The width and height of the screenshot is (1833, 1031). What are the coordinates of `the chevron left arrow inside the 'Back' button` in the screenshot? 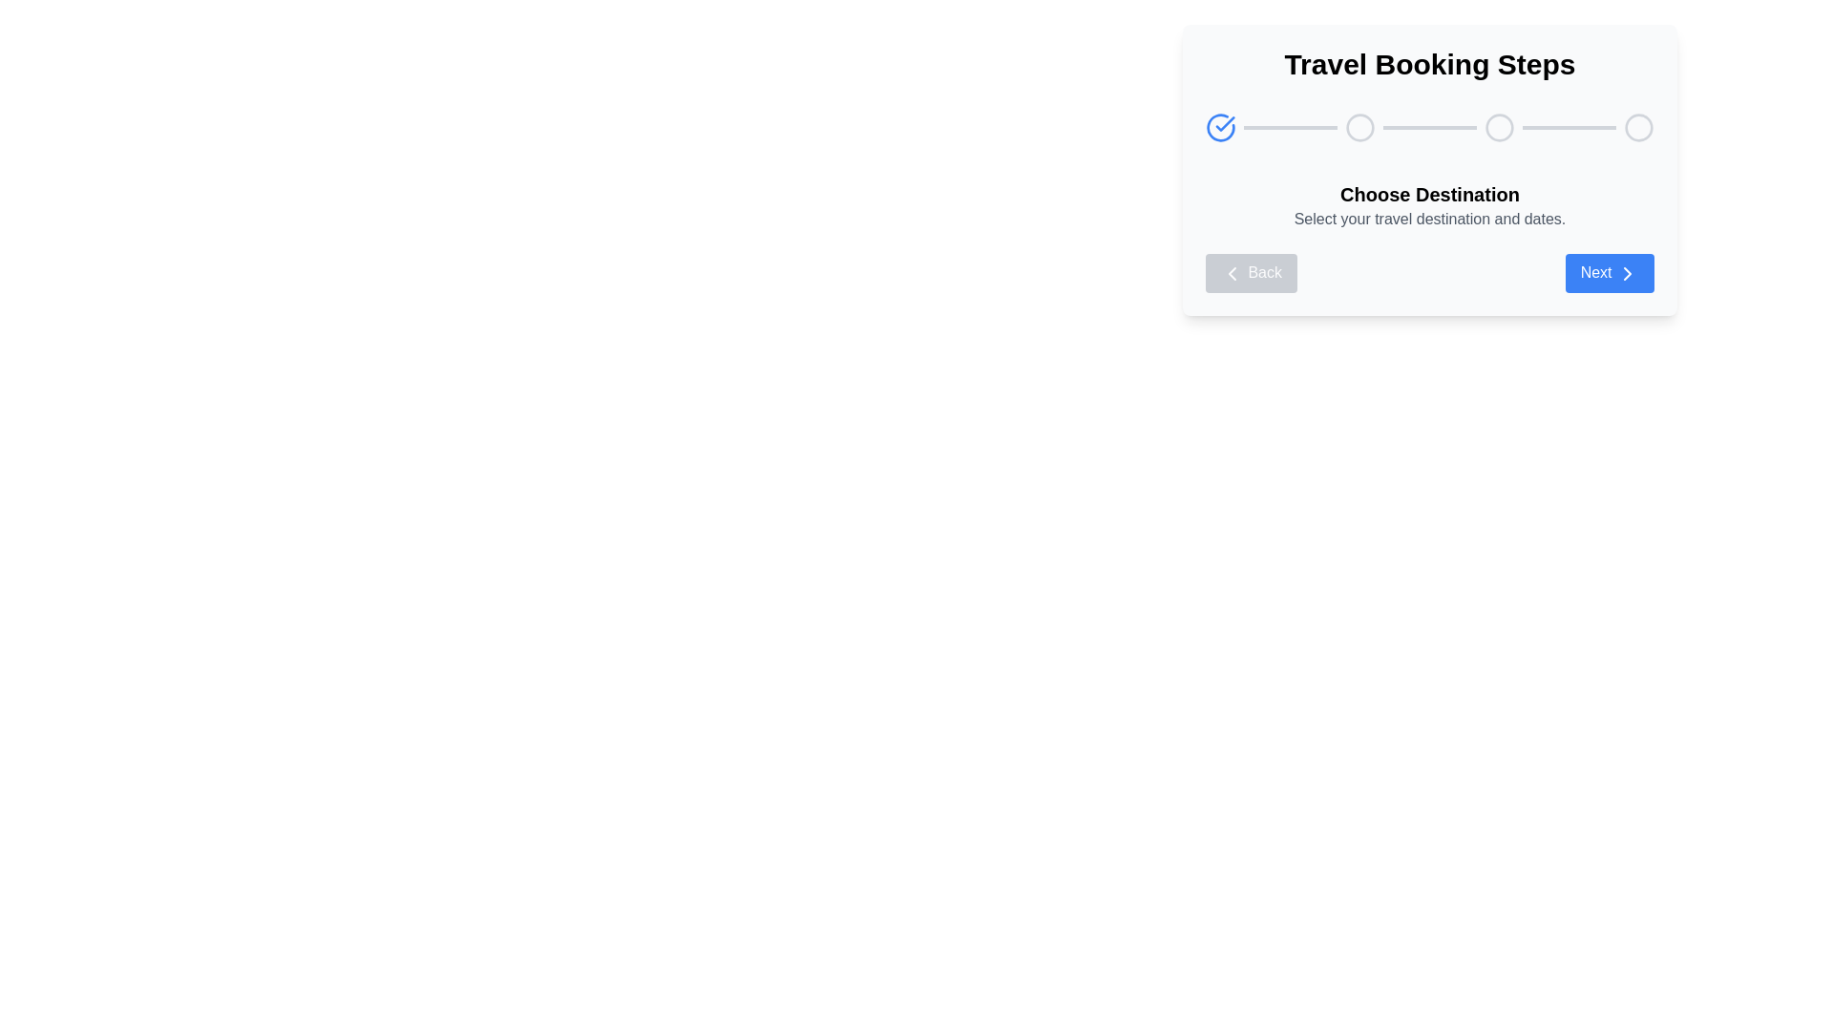 It's located at (1233, 272).